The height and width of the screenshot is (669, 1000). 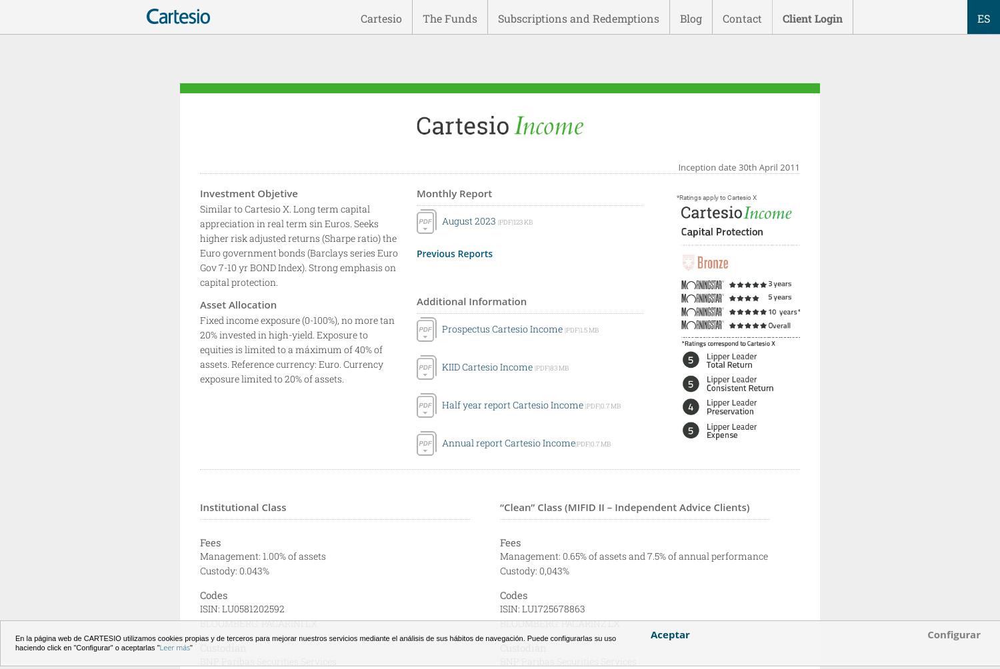 I want to click on '|PDF|123 KB', so click(x=515, y=222).